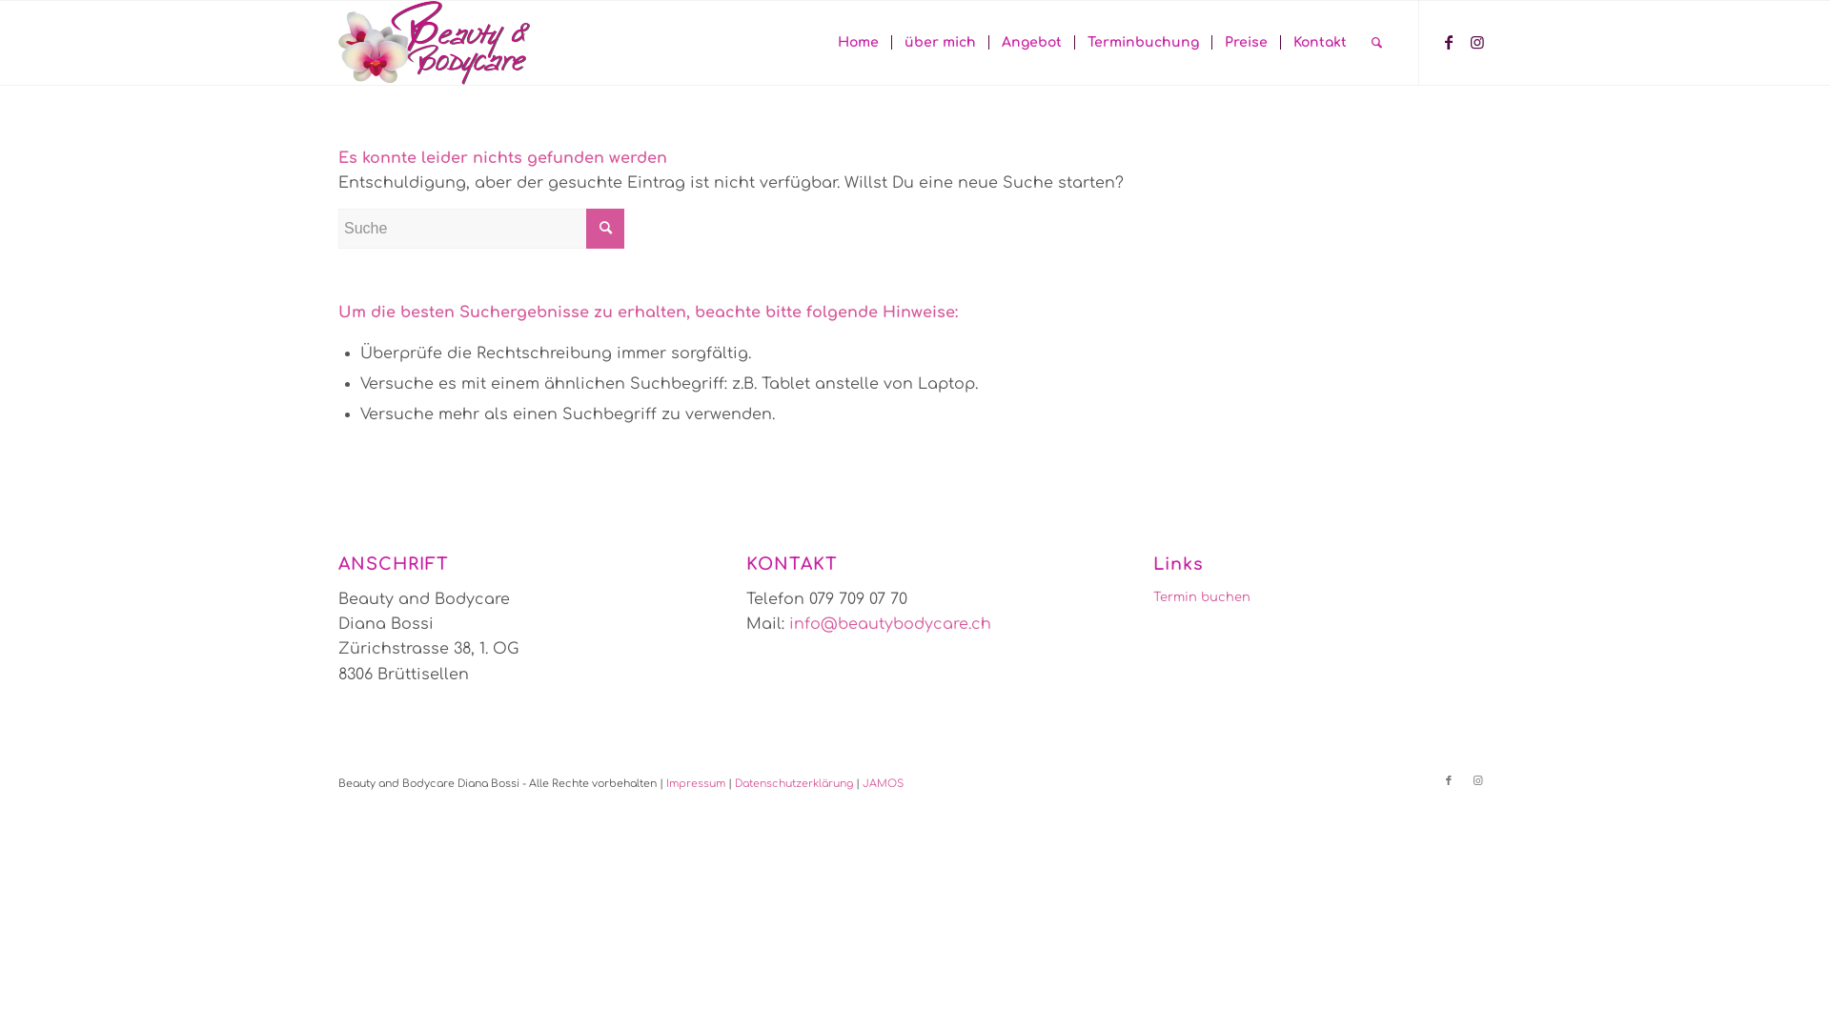 This screenshot has height=1029, width=1830. I want to click on 'bbc-logo', so click(433, 43).